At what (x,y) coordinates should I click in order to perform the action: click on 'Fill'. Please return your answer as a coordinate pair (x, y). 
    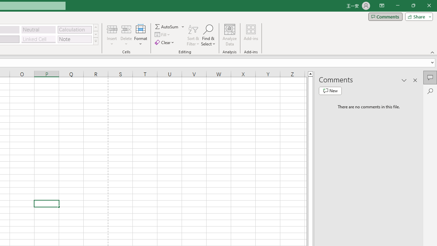
    Looking at the image, I should click on (163, 35).